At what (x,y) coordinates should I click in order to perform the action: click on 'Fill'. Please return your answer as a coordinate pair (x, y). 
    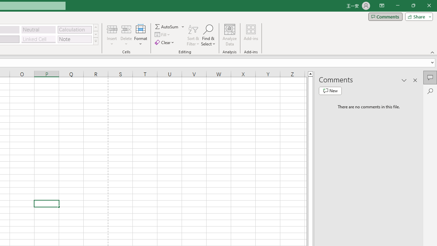
    Looking at the image, I should click on (163, 35).